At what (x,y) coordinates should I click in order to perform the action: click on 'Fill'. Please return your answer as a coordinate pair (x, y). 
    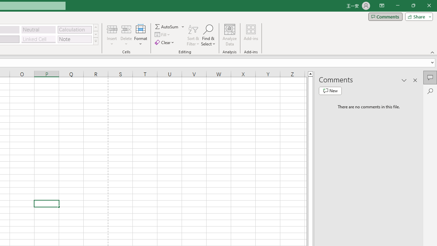
    Looking at the image, I should click on (163, 35).